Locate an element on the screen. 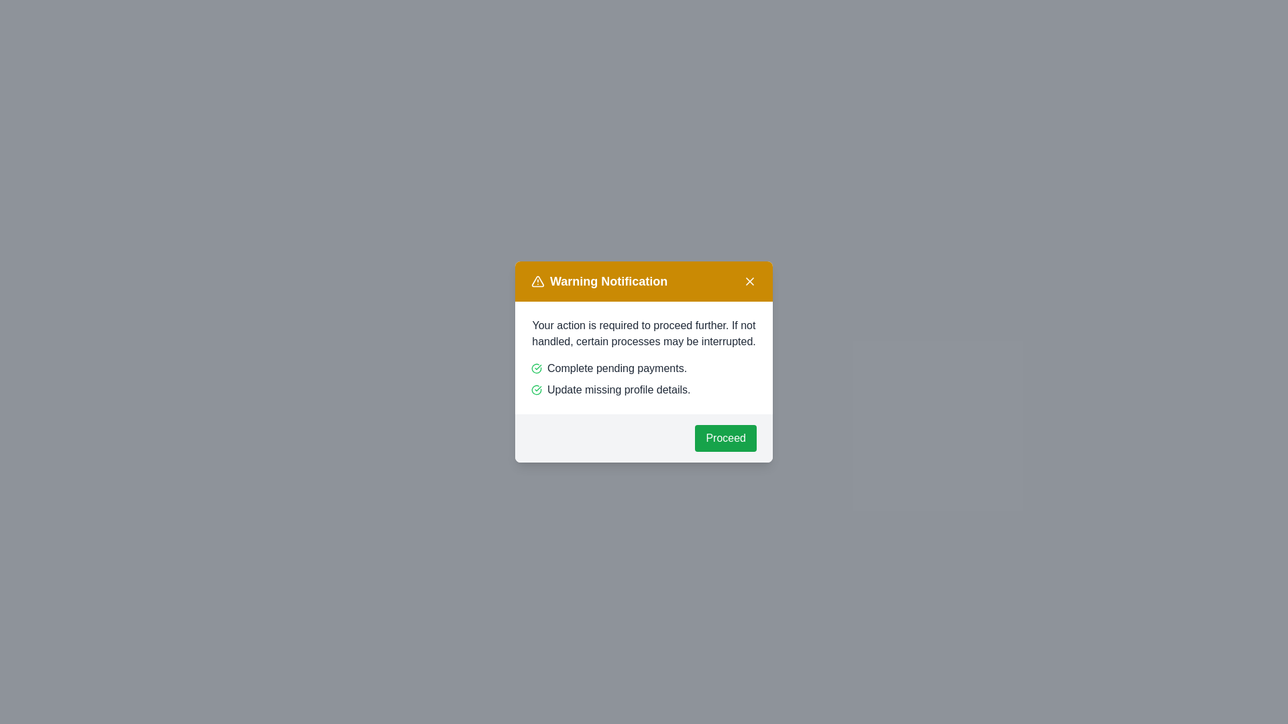  the green circular checkmark icon in the group of labeled messages indicating completion or validation is located at coordinates (644, 379).